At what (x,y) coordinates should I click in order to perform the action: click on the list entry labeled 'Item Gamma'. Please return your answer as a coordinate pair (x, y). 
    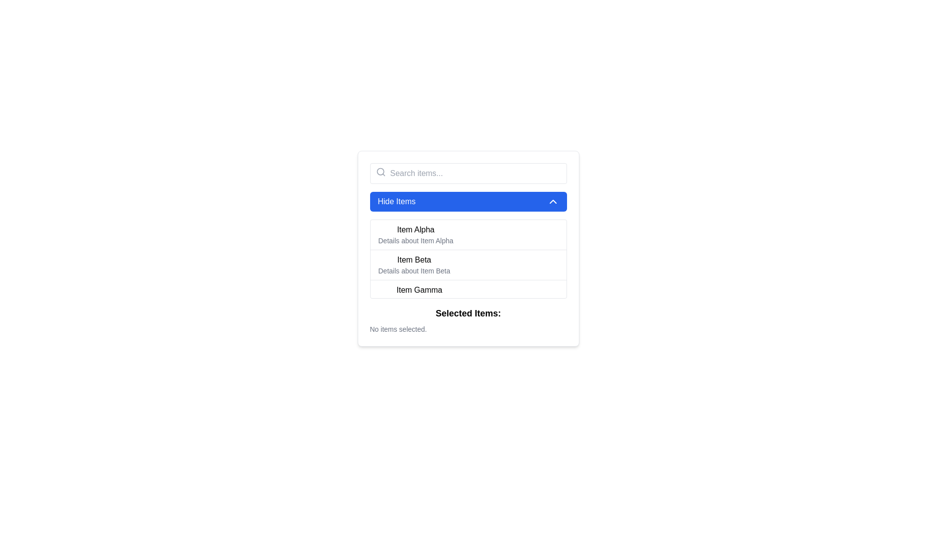
    Looking at the image, I should click on (468, 294).